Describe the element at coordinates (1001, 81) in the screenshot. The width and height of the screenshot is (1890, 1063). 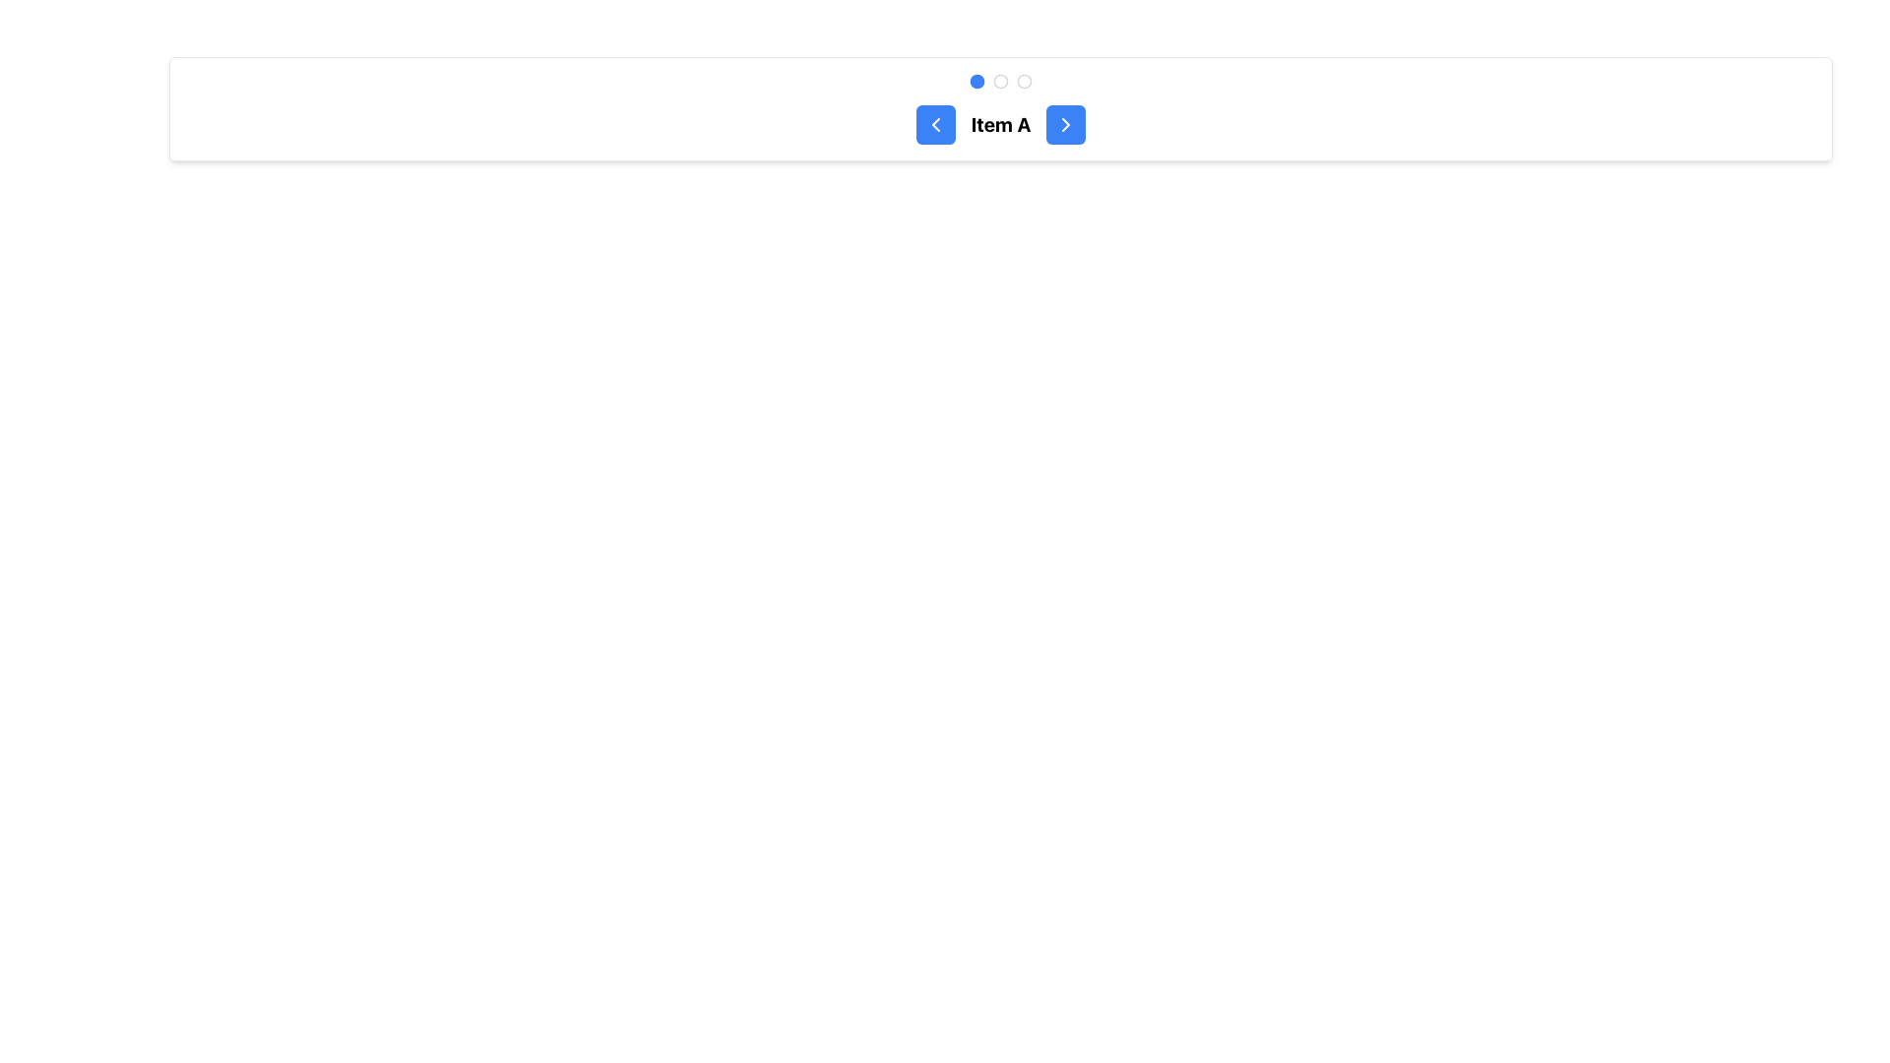
I see `the second navigation indicator circle with a gray border` at that location.